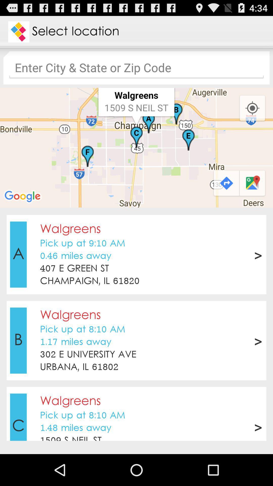 The width and height of the screenshot is (273, 486). I want to click on the > item, so click(258, 426).